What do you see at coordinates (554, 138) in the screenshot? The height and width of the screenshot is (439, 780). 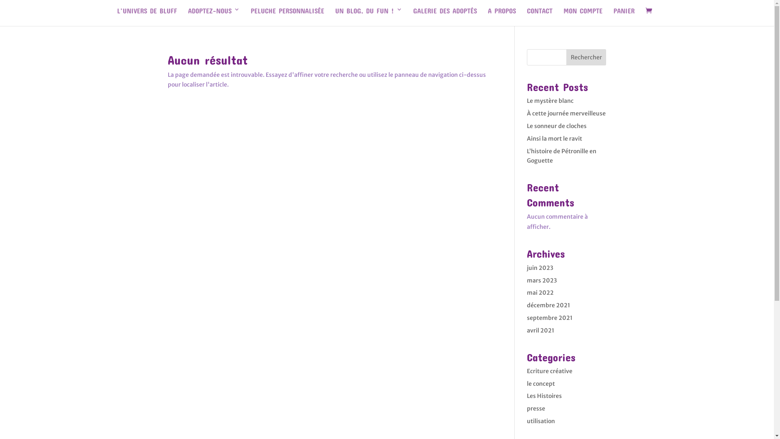 I see `'Ainsi la mort le ravit'` at bounding box center [554, 138].